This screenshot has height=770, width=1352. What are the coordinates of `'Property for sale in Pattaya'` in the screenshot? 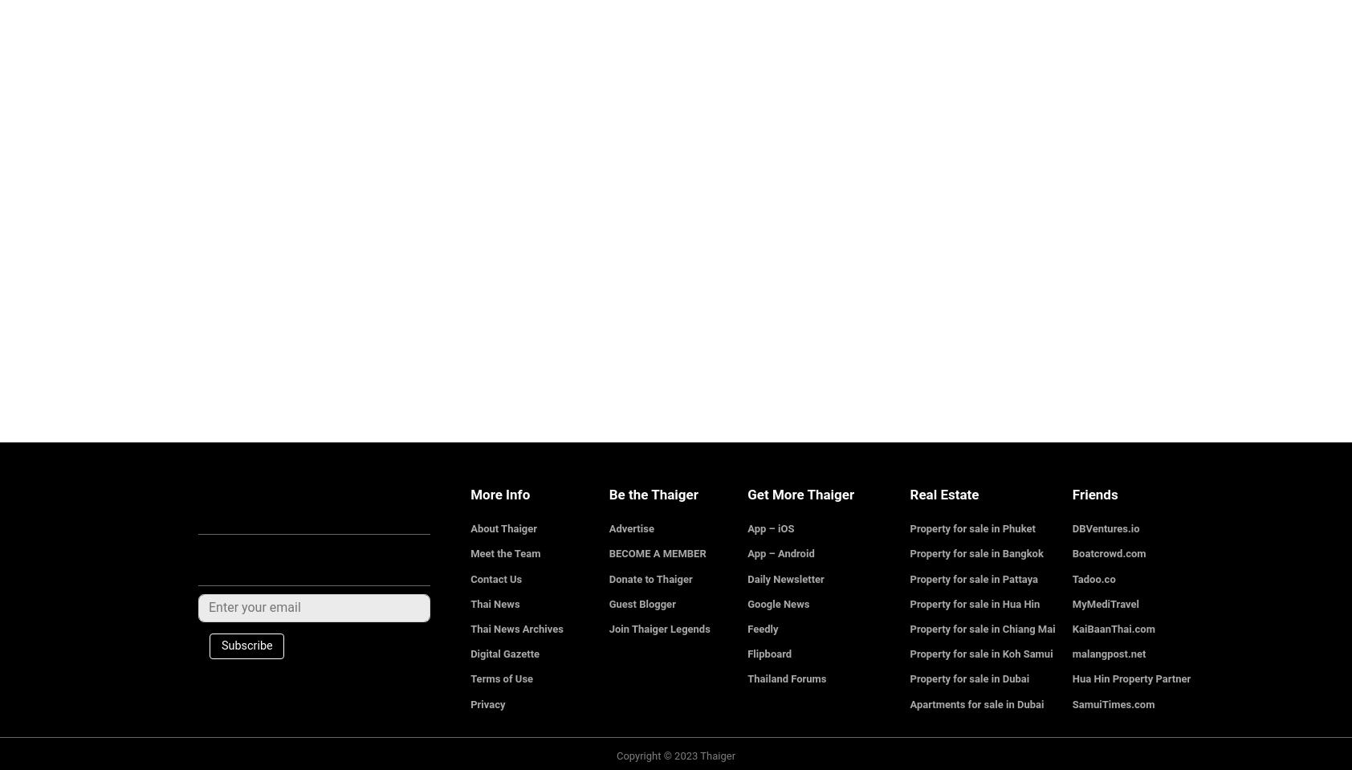 It's located at (909, 577).